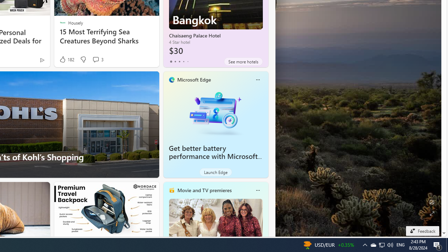 The width and height of the screenshot is (448, 252). Describe the element at coordinates (215, 112) in the screenshot. I see `'Get better battery performance with Microsoft Edge'` at that location.